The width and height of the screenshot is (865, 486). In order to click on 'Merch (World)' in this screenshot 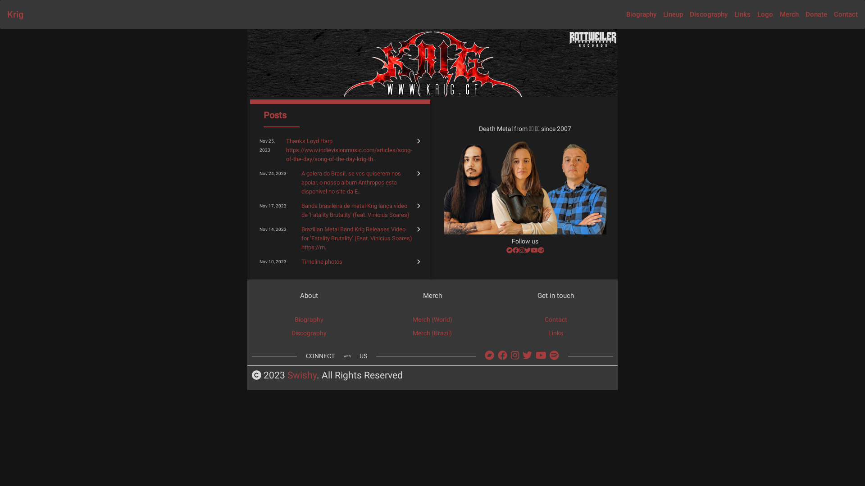, I will do `click(432, 319)`.